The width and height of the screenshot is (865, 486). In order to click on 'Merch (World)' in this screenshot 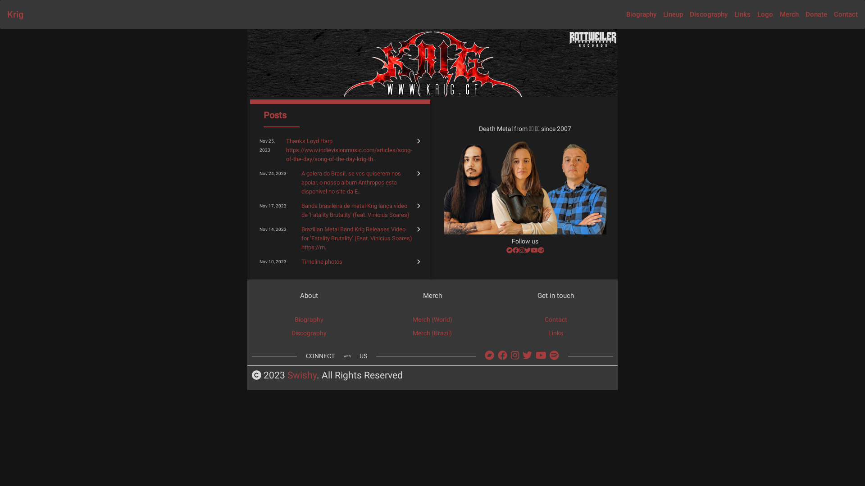, I will do `click(432, 319)`.